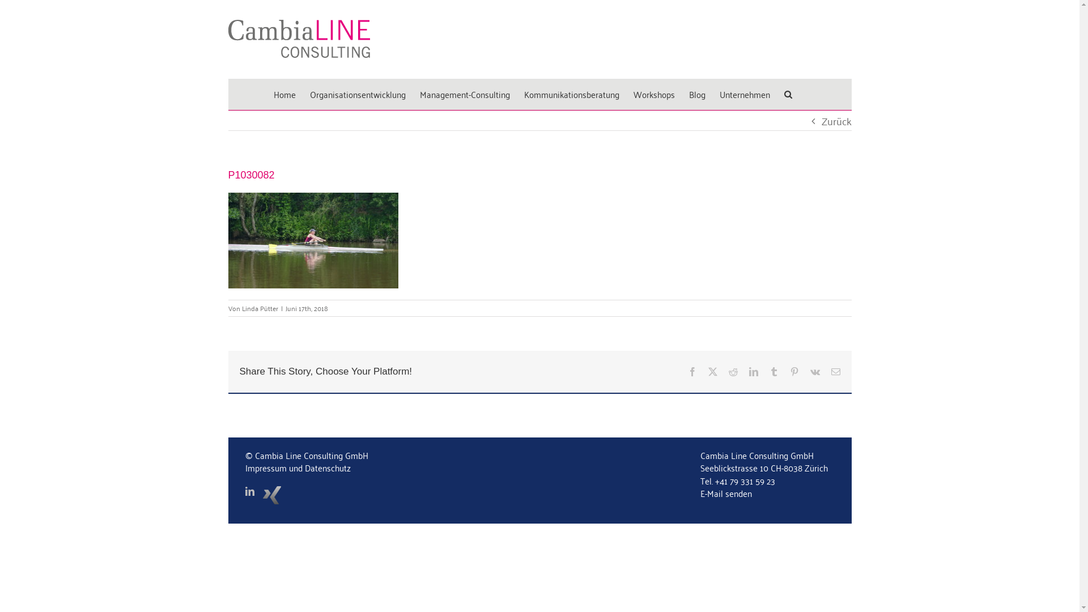  What do you see at coordinates (464, 93) in the screenshot?
I see `'Management-Consulting'` at bounding box center [464, 93].